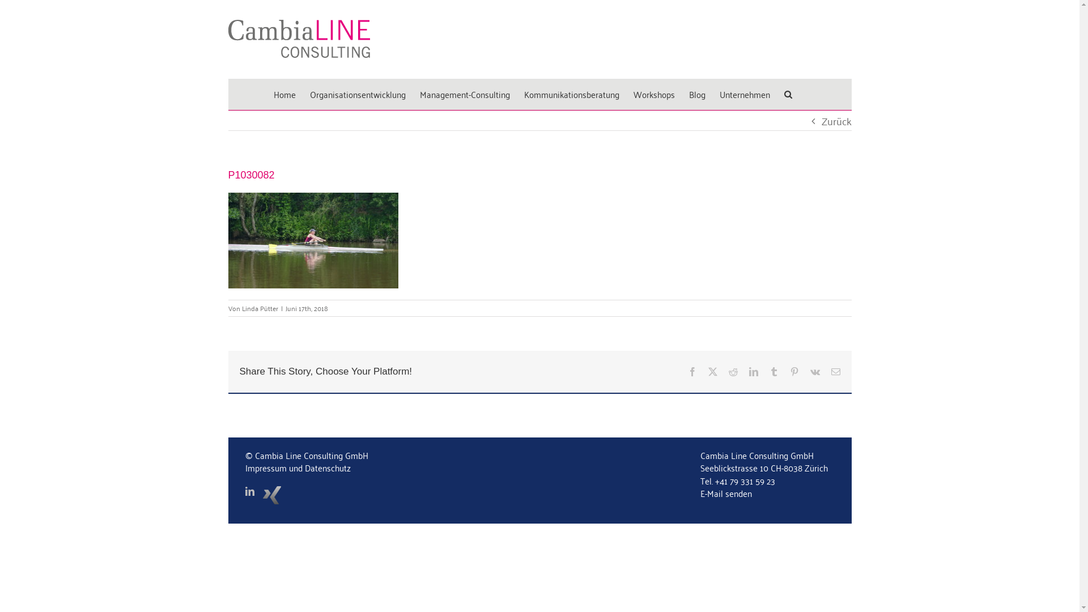  What do you see at coordinates (464, 93) in the screenshot?
I see `'Management-Consulting'` at bounding box center [464, 93].